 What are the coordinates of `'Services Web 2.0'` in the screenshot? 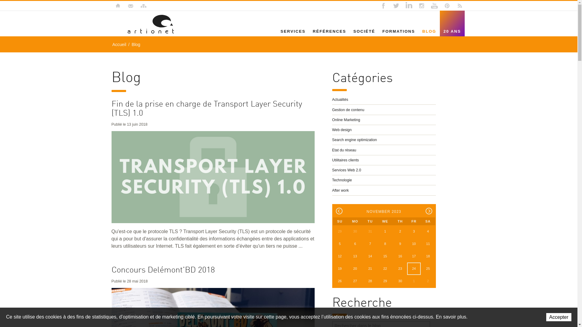 It's located at (384, 170).